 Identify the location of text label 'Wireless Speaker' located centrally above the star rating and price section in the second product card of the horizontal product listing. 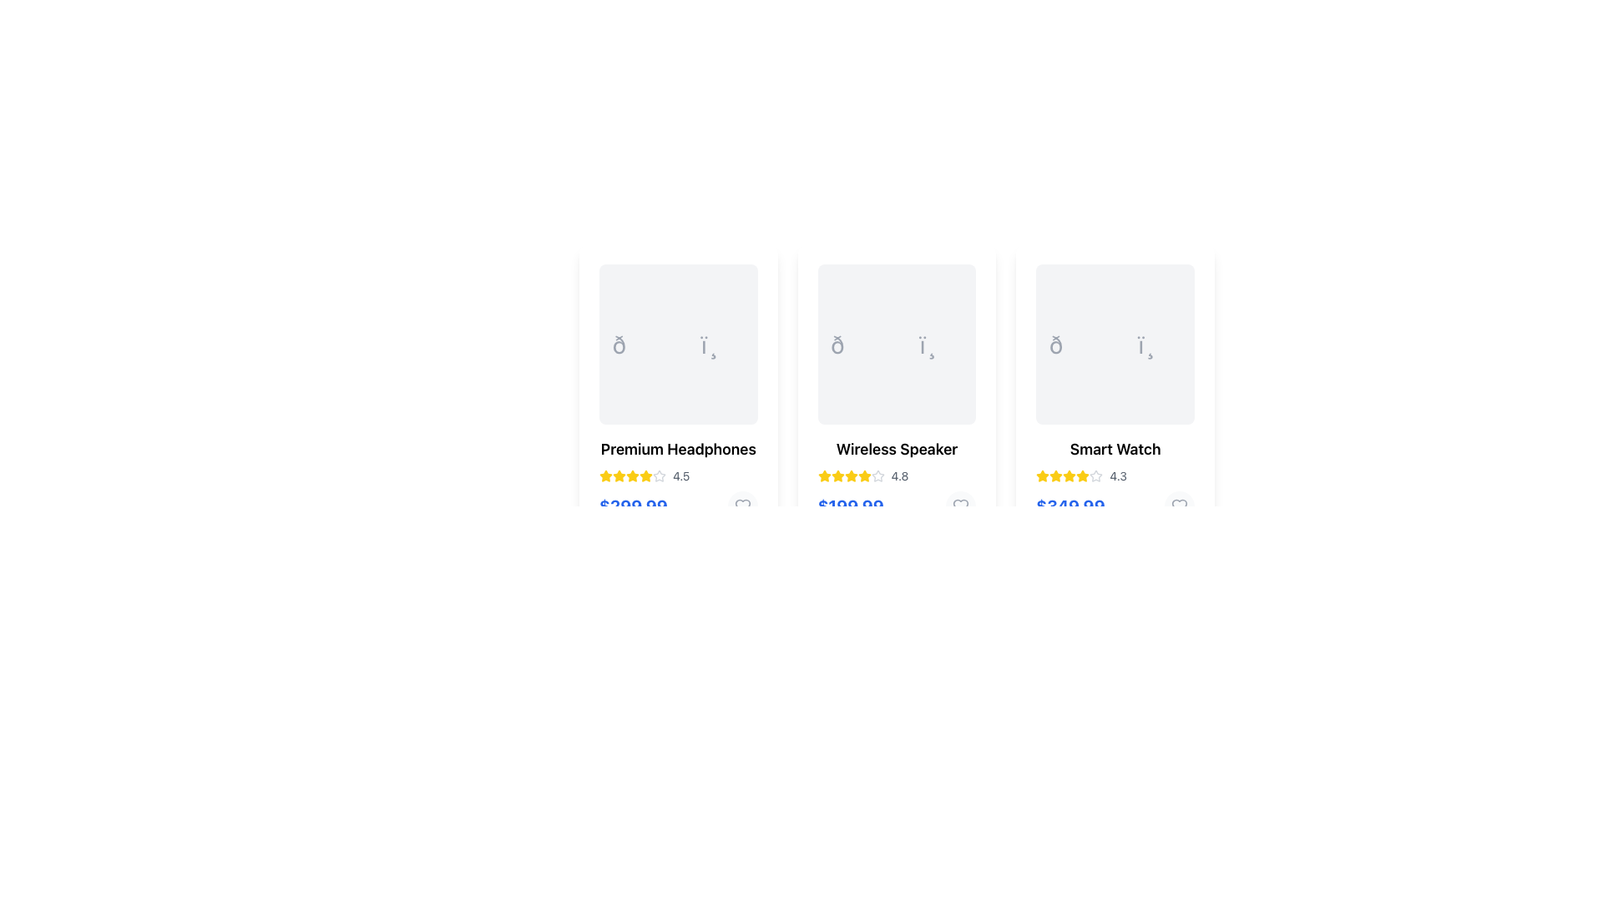
(896, 449).